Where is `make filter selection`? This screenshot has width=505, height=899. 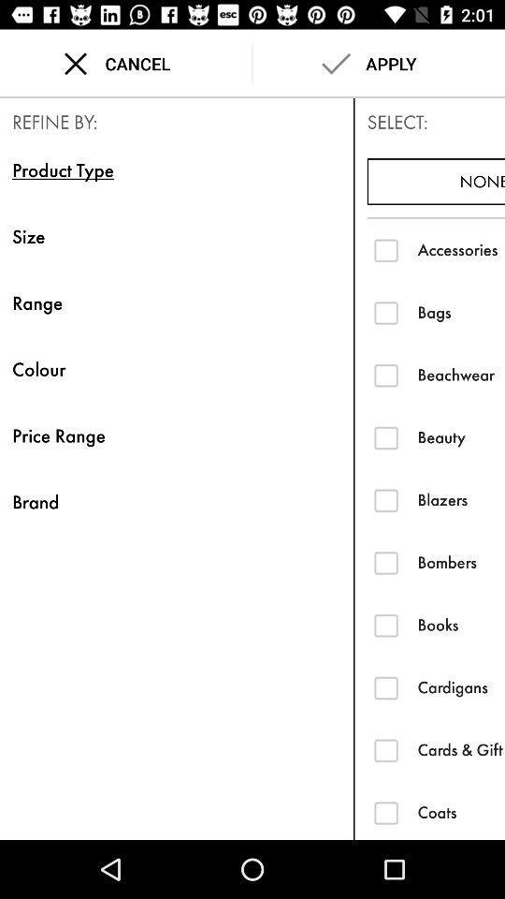
make filter selection is located at coordinates (385, 562).